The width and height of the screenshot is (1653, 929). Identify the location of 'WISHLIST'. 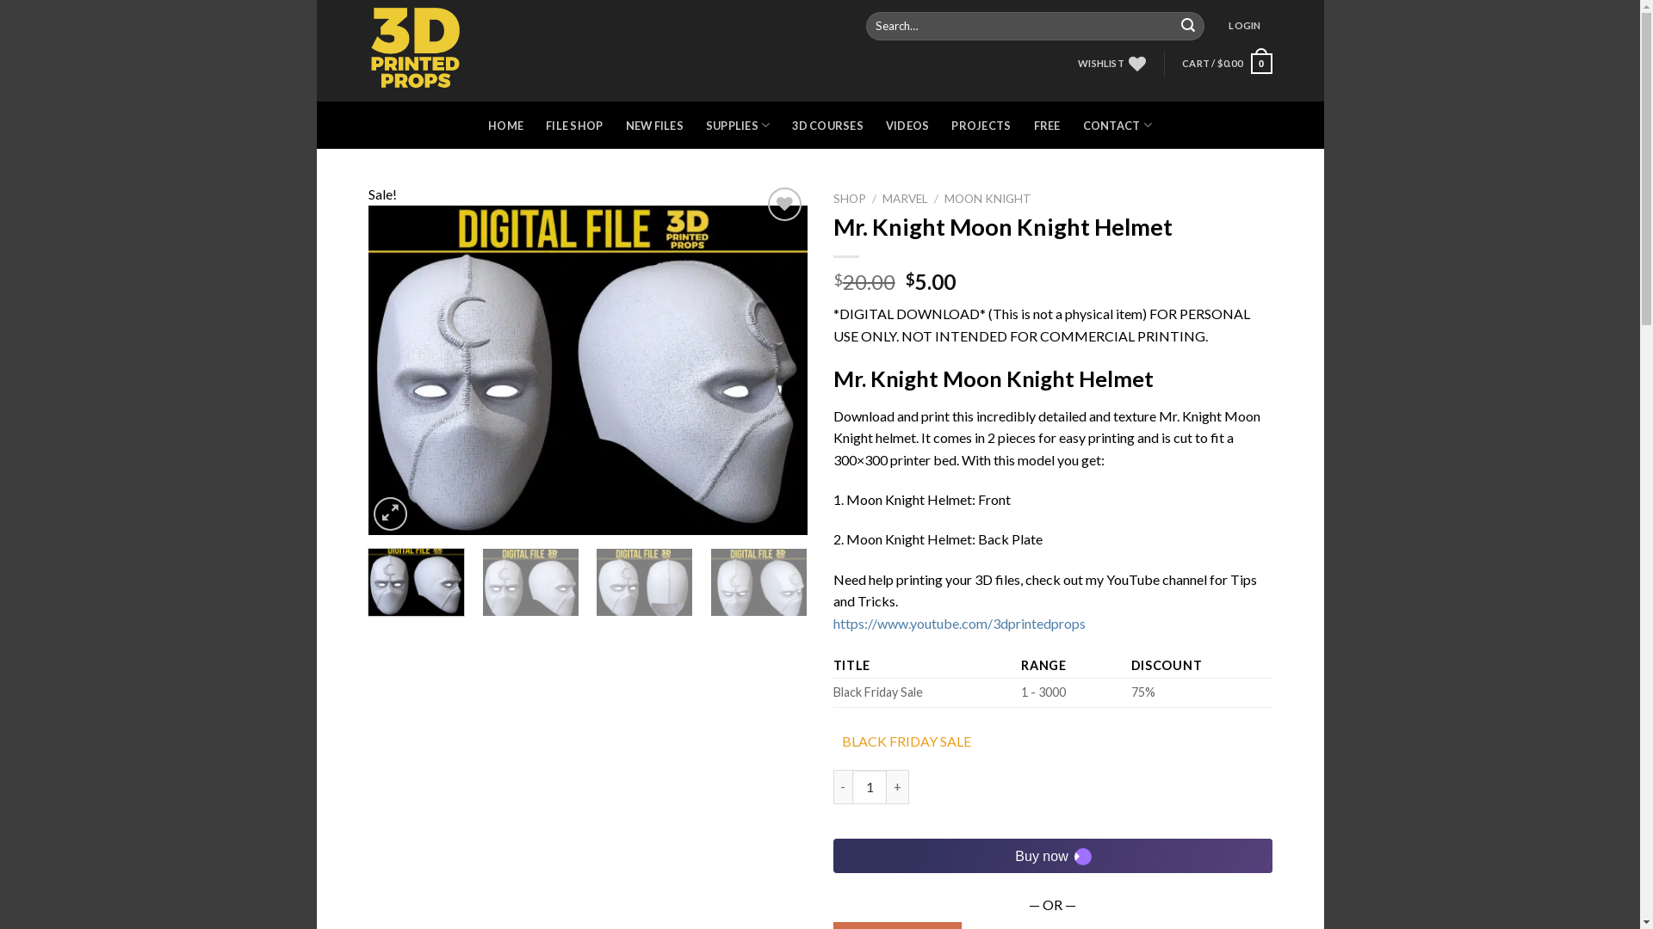
(1111, 62).